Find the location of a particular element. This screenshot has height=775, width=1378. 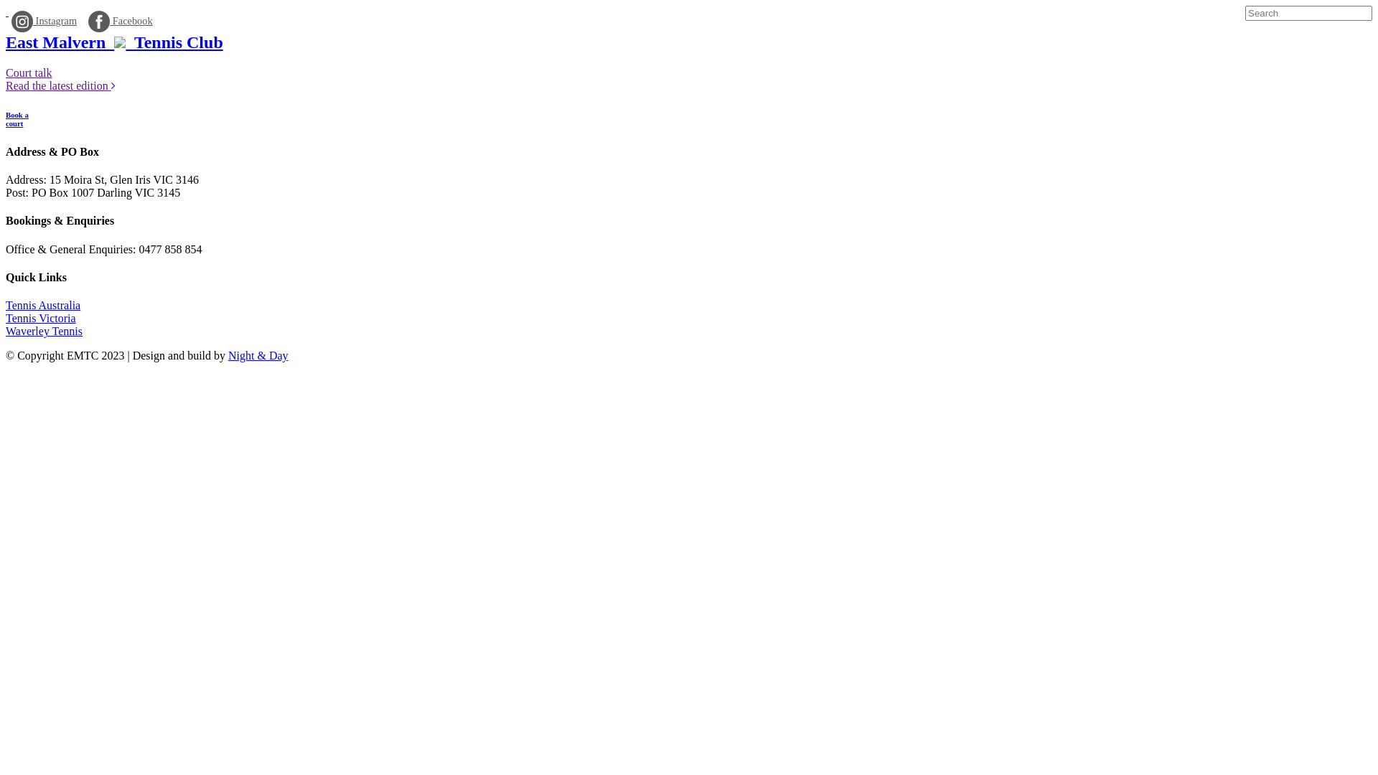

'Night & Day' is located at coordinates (258, 355).